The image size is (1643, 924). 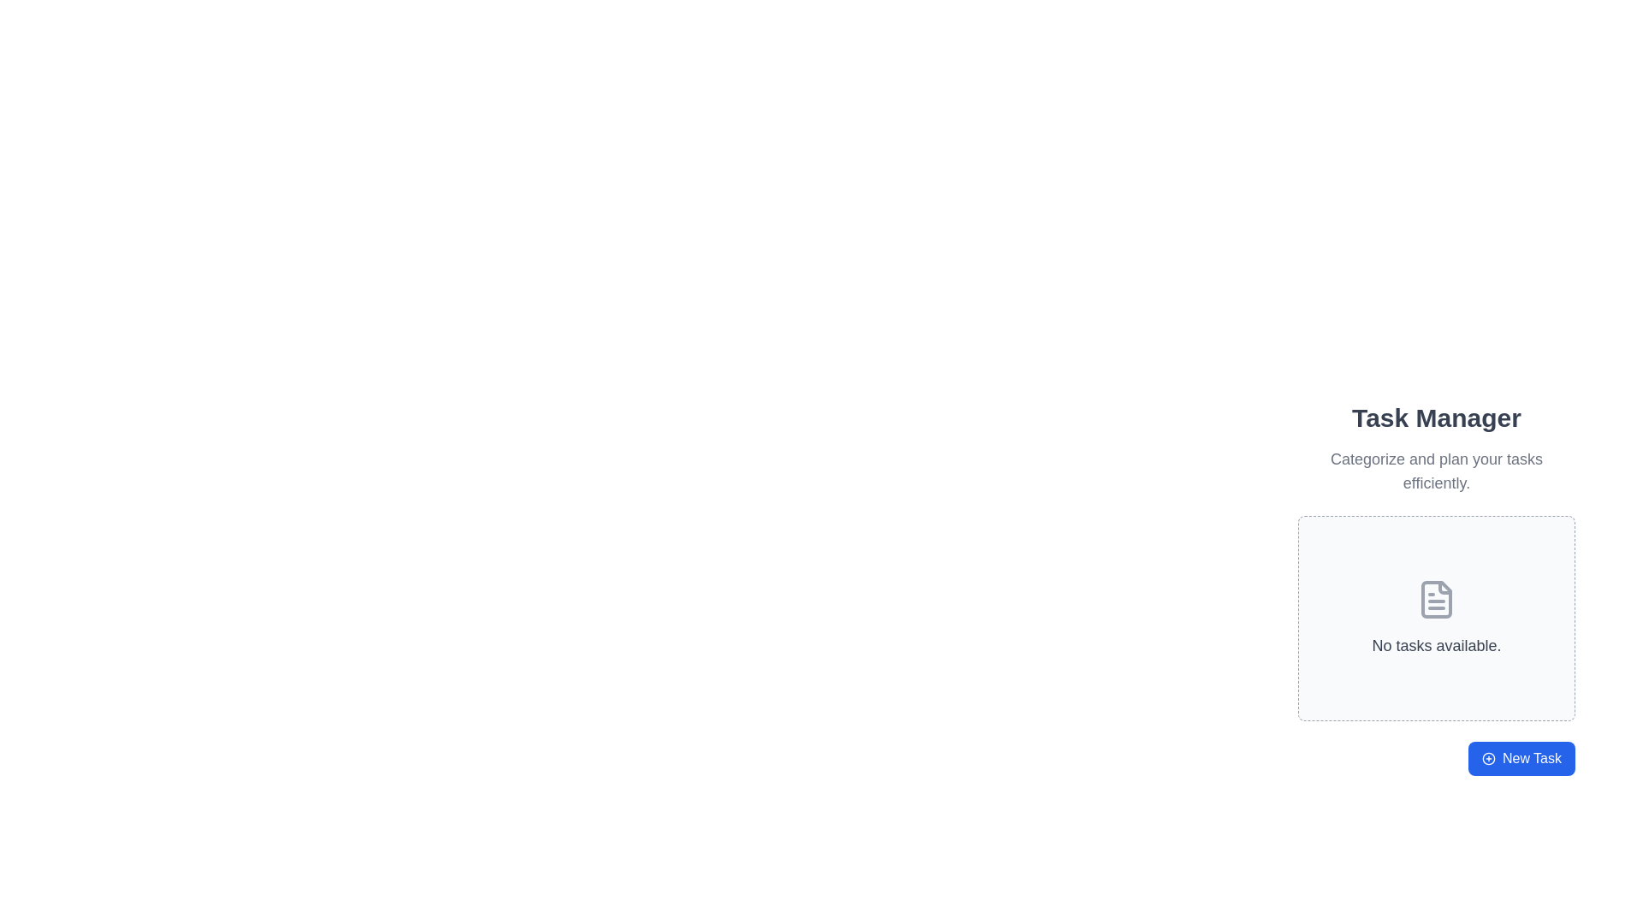 What do you see at coordinates (1437, 599) in the screenshot?
I see `the Decorative icon that visually represents the absence of tasks in the system, located within the bordered area labeled 'No tasks available.'` at bounding box center [1437, 599].